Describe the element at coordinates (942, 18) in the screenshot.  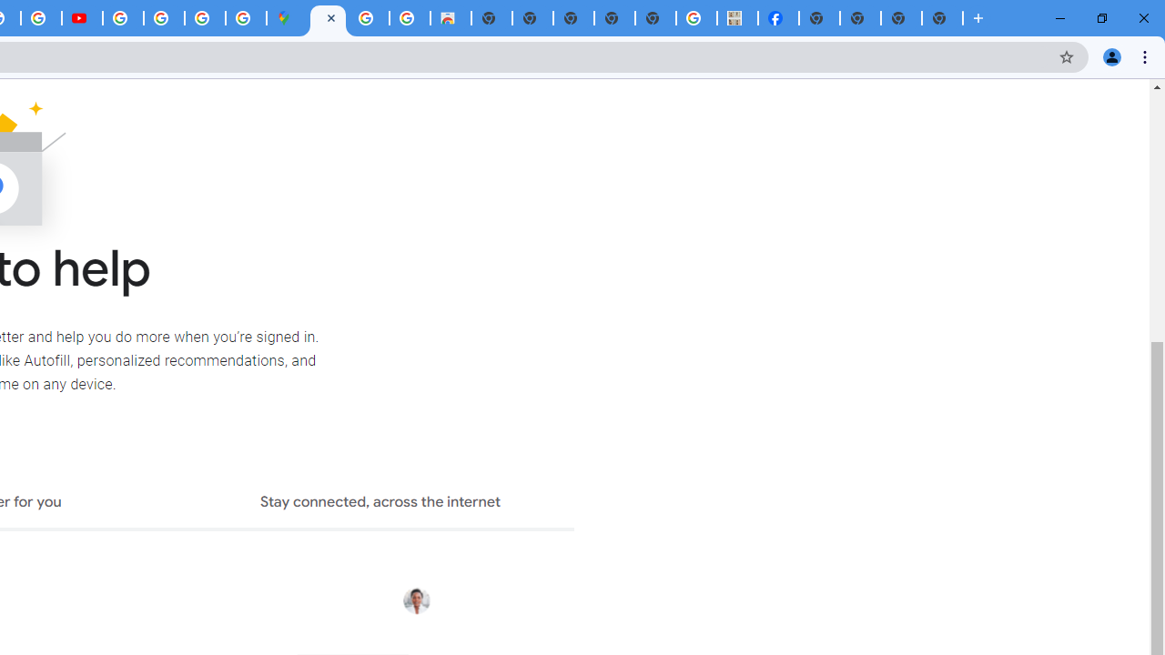
I see `'New Tab'` at that location.